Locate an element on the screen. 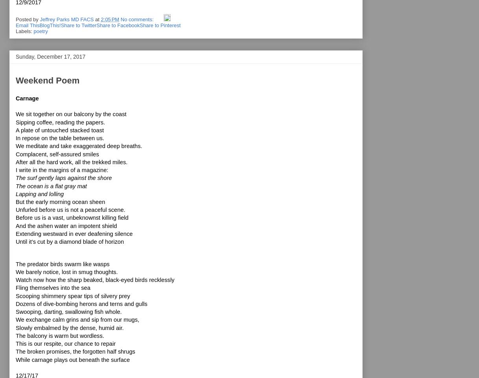 The height and width of the screenshot is (378, 479). 'Slowly embalmed by the dense, humid air.' is located at coordinates (69, 328).